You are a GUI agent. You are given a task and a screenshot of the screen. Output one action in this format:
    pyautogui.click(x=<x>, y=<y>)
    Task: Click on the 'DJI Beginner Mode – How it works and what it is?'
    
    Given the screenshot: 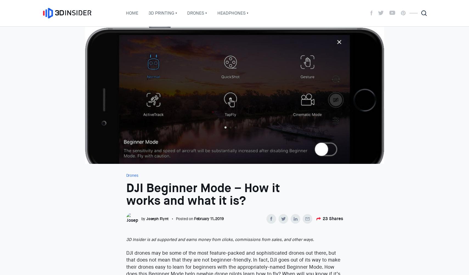 What is the action you would take?
    pyautogui.click(x=202, y=194)
    